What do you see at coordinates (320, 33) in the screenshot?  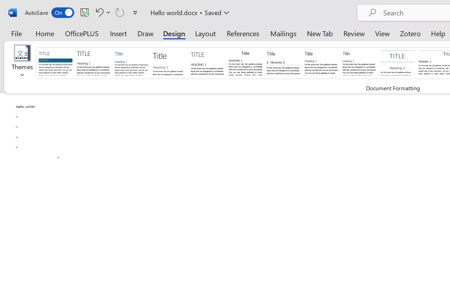 I see `'New Tab'` at bounding box center [320, 33].